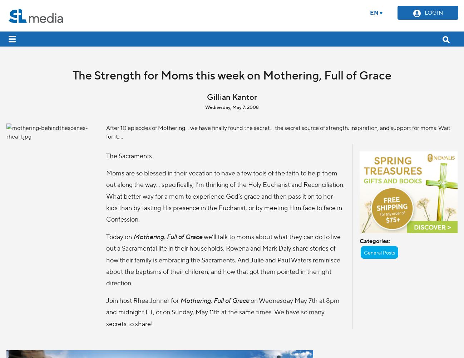 The image size is (464, 358). Describe the element at coordinates (374, 12) in the screenshot. I see `'EN'` at that location.